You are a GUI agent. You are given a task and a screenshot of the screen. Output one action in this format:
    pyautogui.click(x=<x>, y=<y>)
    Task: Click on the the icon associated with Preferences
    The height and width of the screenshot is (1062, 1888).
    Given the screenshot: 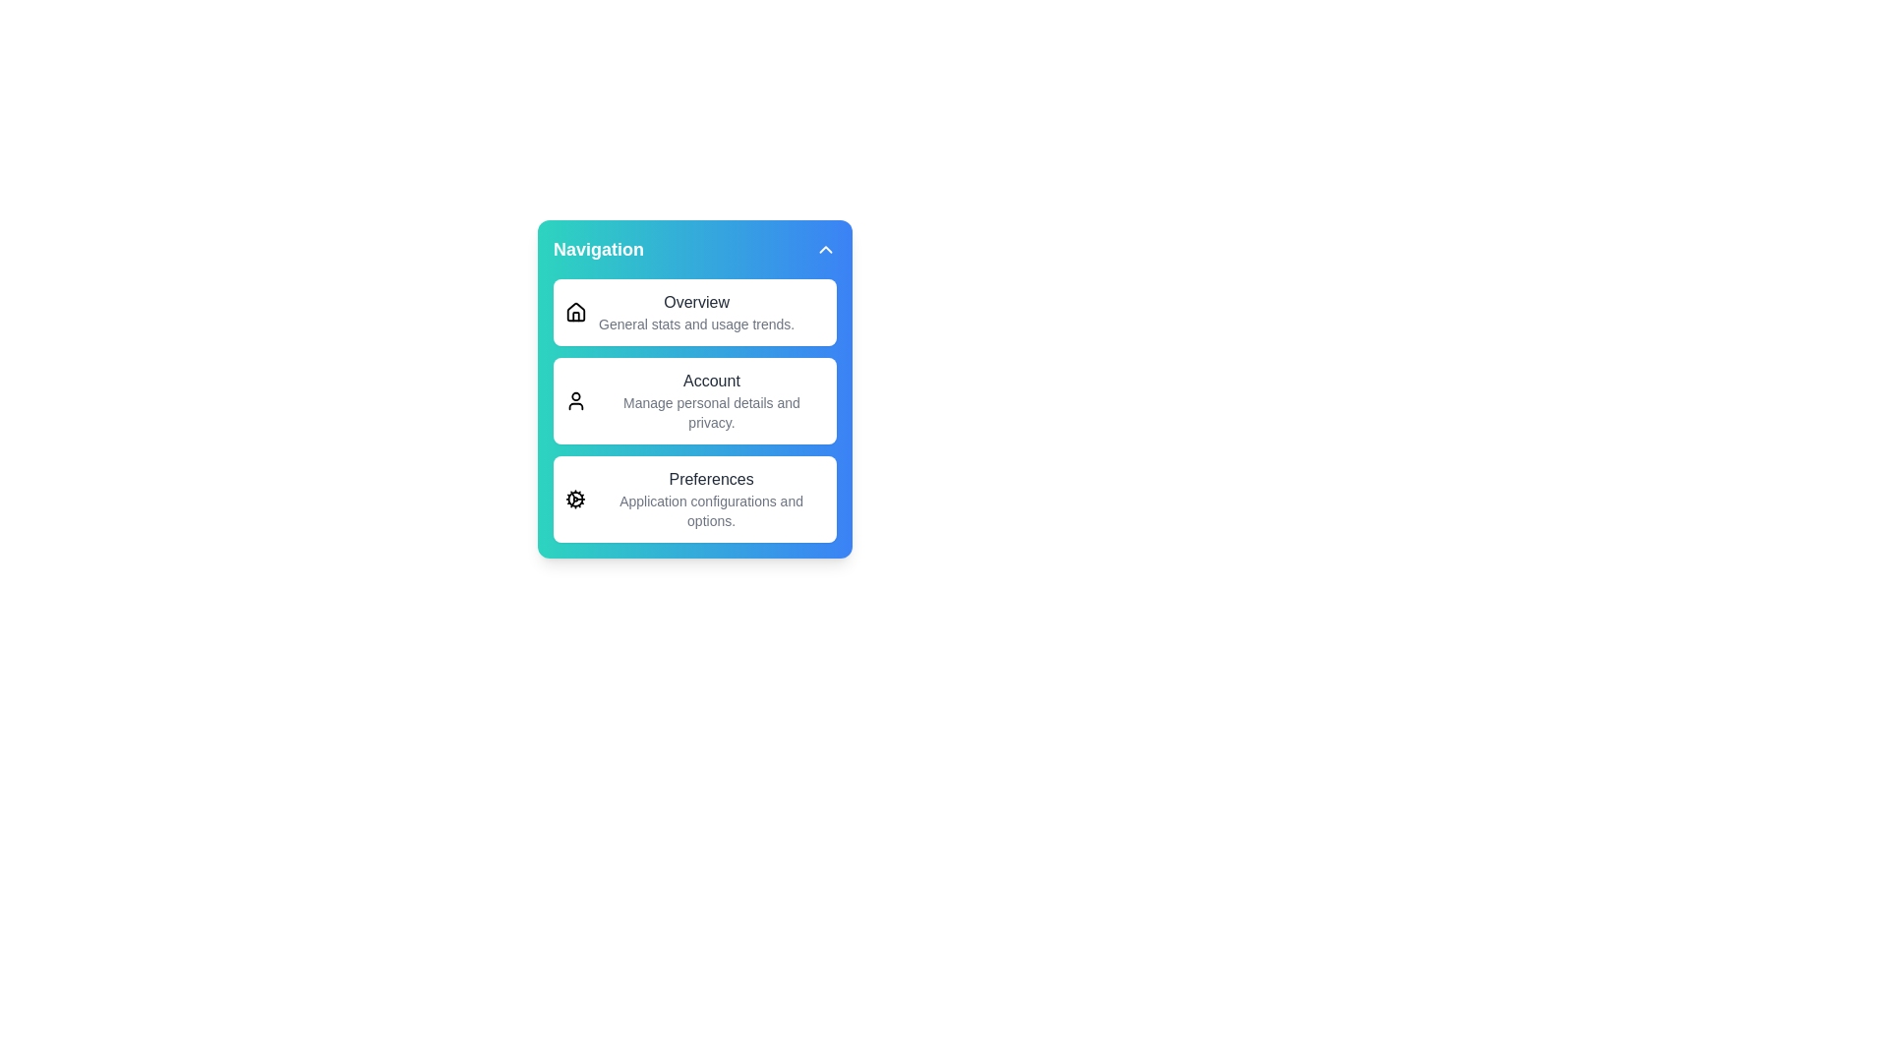 What is the action you would take?
    pyautogui.click(x=574, y=499)
    